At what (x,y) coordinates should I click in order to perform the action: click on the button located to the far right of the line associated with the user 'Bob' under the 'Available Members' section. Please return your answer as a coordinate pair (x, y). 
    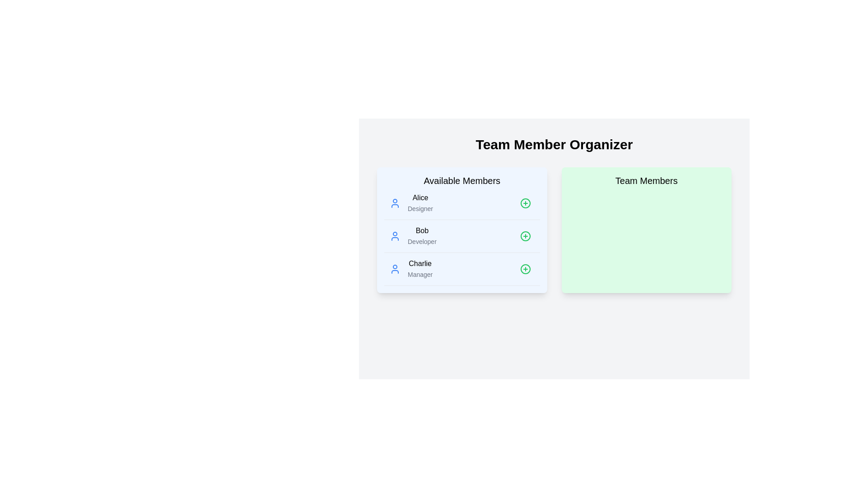
    Looking at the image, I should click on (525, 236).